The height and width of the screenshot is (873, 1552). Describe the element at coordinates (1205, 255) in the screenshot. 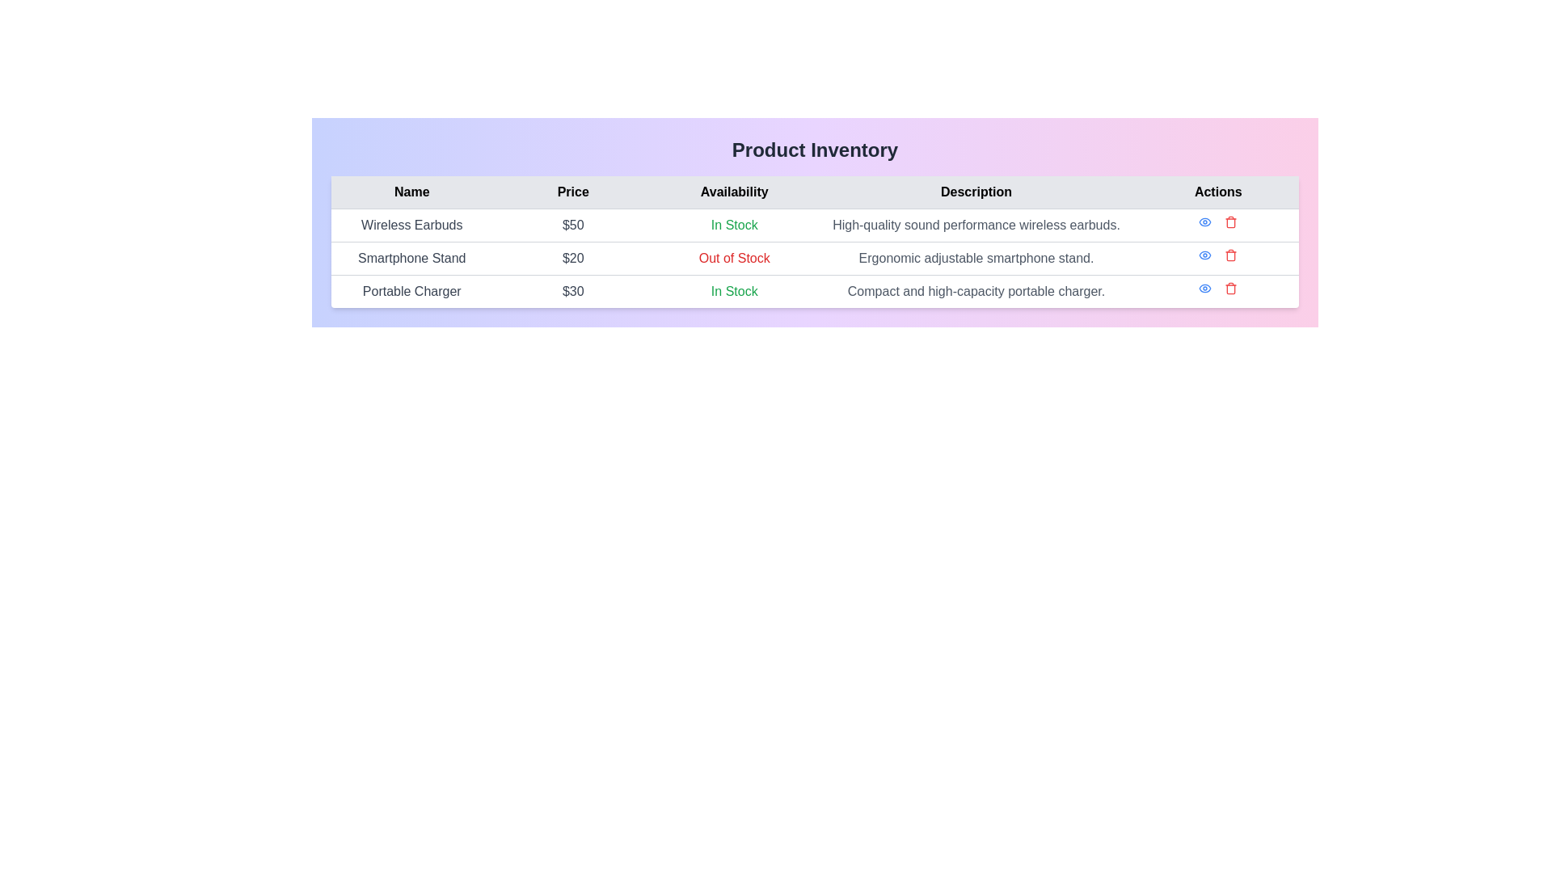

I see `the IconButton in the 'Actions' column for the 'Smartphone Stand' product` at that location.